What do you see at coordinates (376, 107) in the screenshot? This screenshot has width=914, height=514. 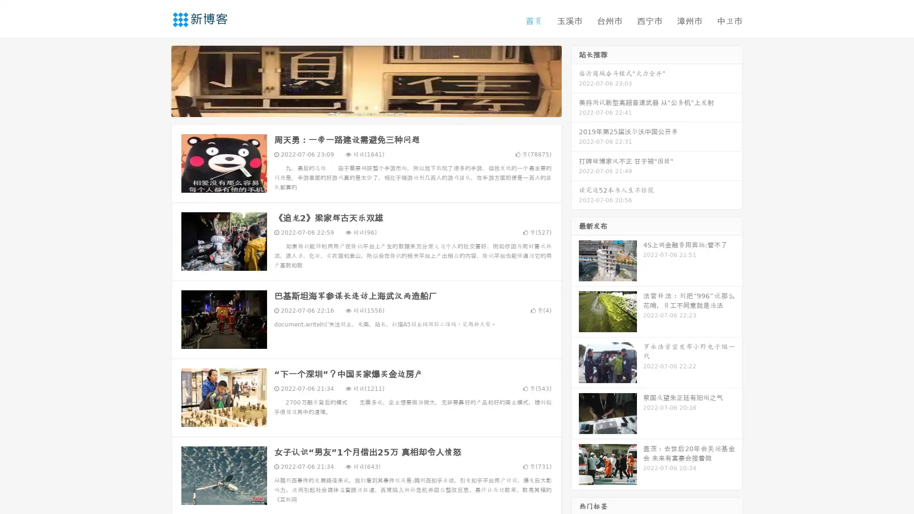 I see `Go to slide 3` at bounding box center [376, 107].